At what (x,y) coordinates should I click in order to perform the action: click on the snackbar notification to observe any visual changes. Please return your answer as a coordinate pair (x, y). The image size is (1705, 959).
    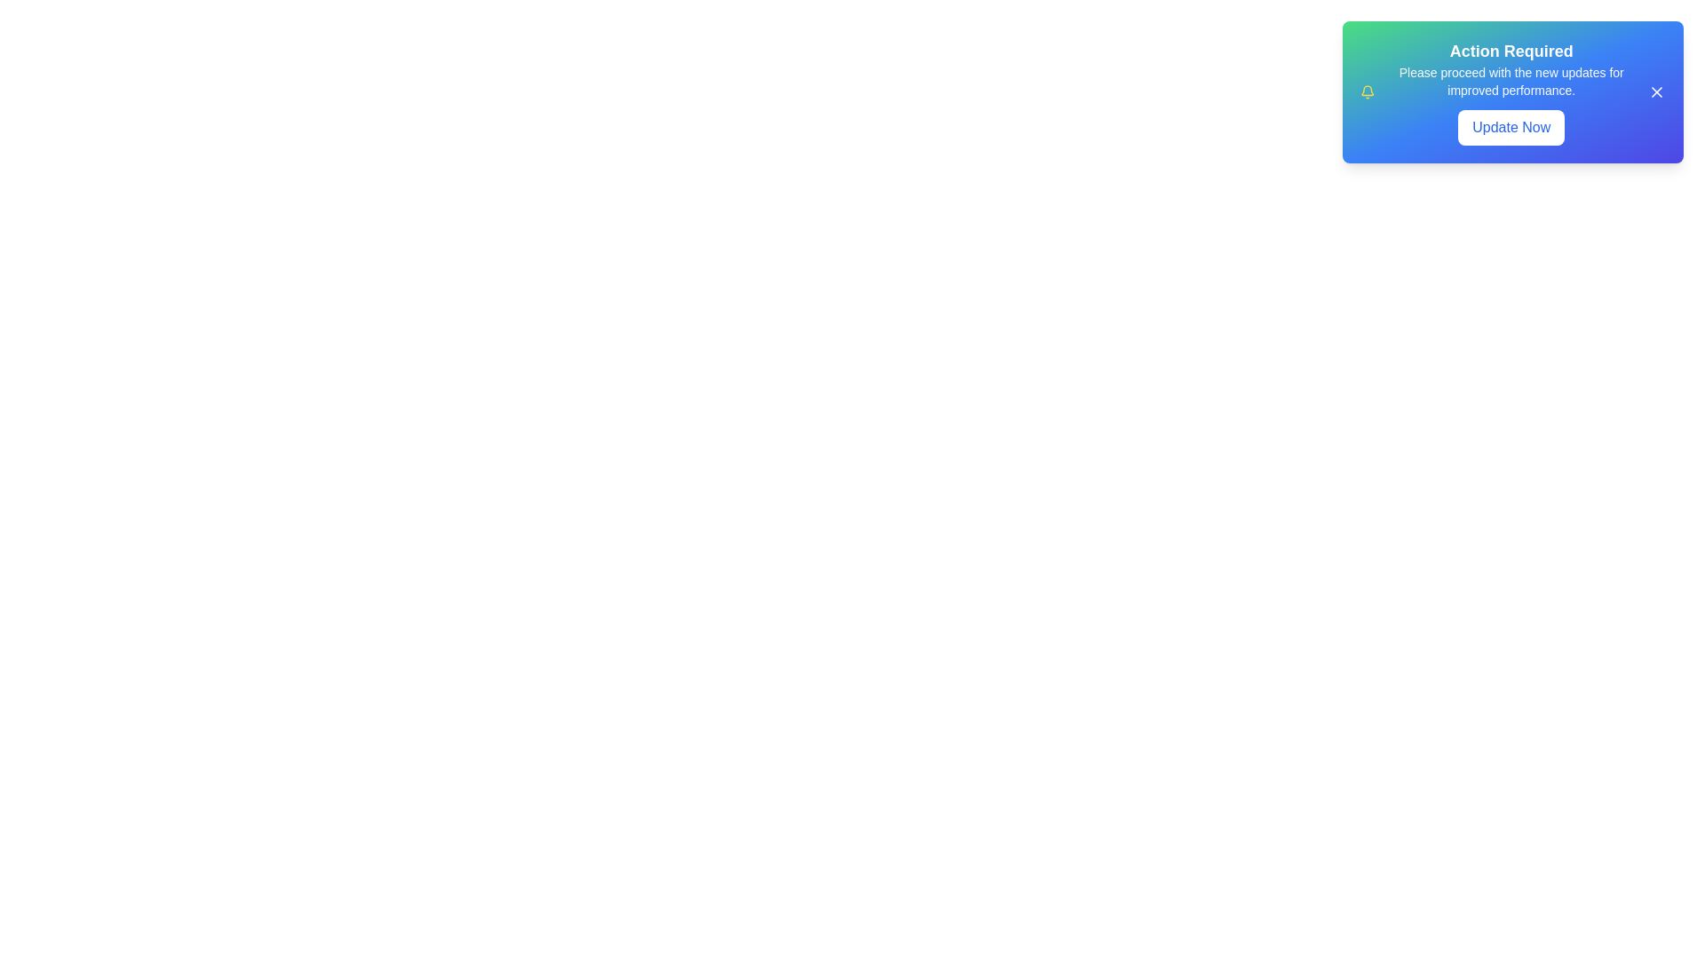
    Looking at the image, I should click on (1512, 92).